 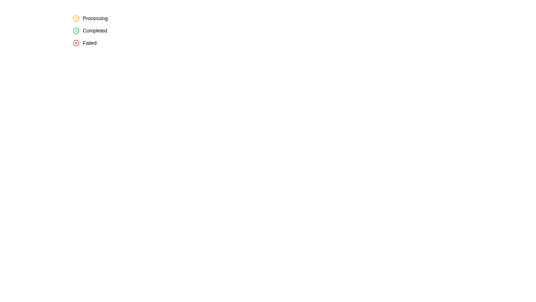 I want to click on the Status indicator labeled 'Failed', which is the third element in a vertical list of status indicators, so click(x=84, y=43).